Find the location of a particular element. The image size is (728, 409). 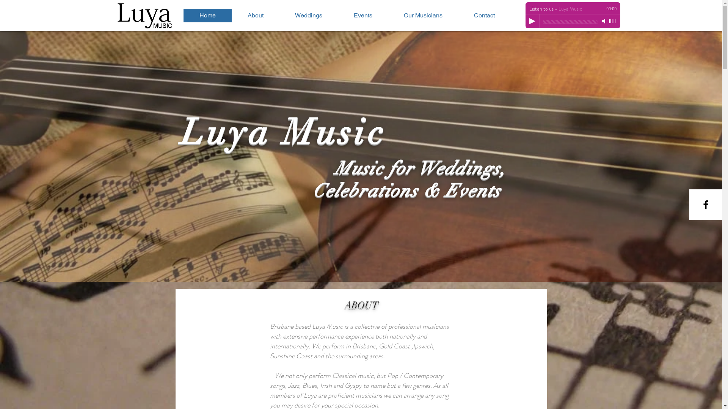

'Contact' is located at coordinates (483, 16).